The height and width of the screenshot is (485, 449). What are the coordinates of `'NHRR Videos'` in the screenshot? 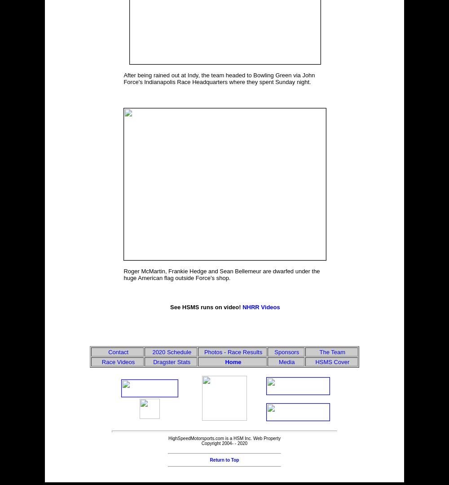 It's located at (260, 307).